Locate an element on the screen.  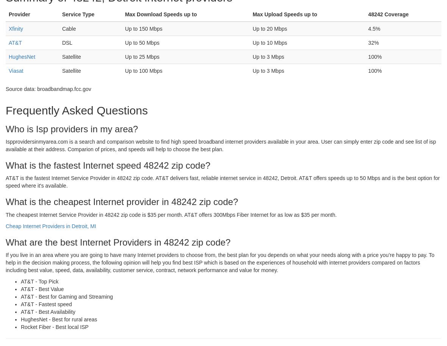
'32%' is located at coordinates (373, 42).